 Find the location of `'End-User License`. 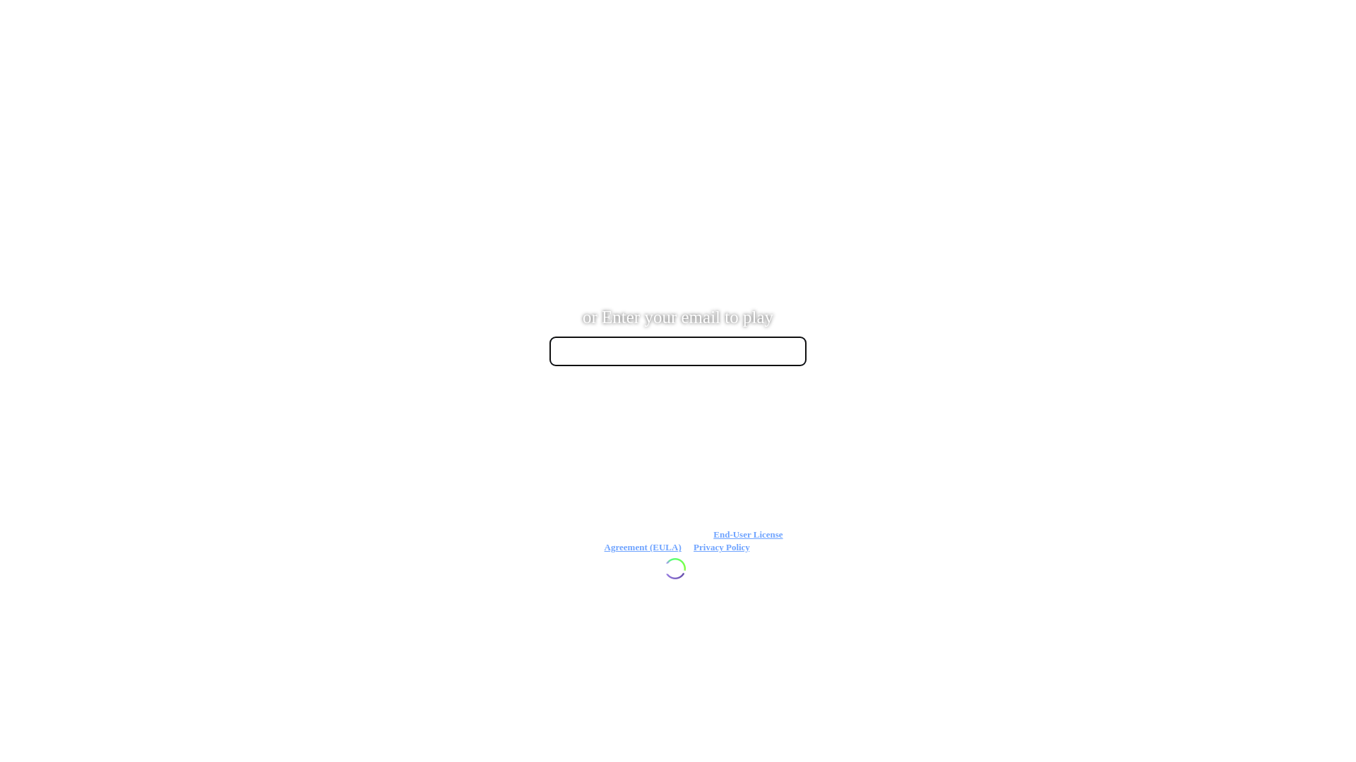

'End-User License is located at coordinates (694, 540).